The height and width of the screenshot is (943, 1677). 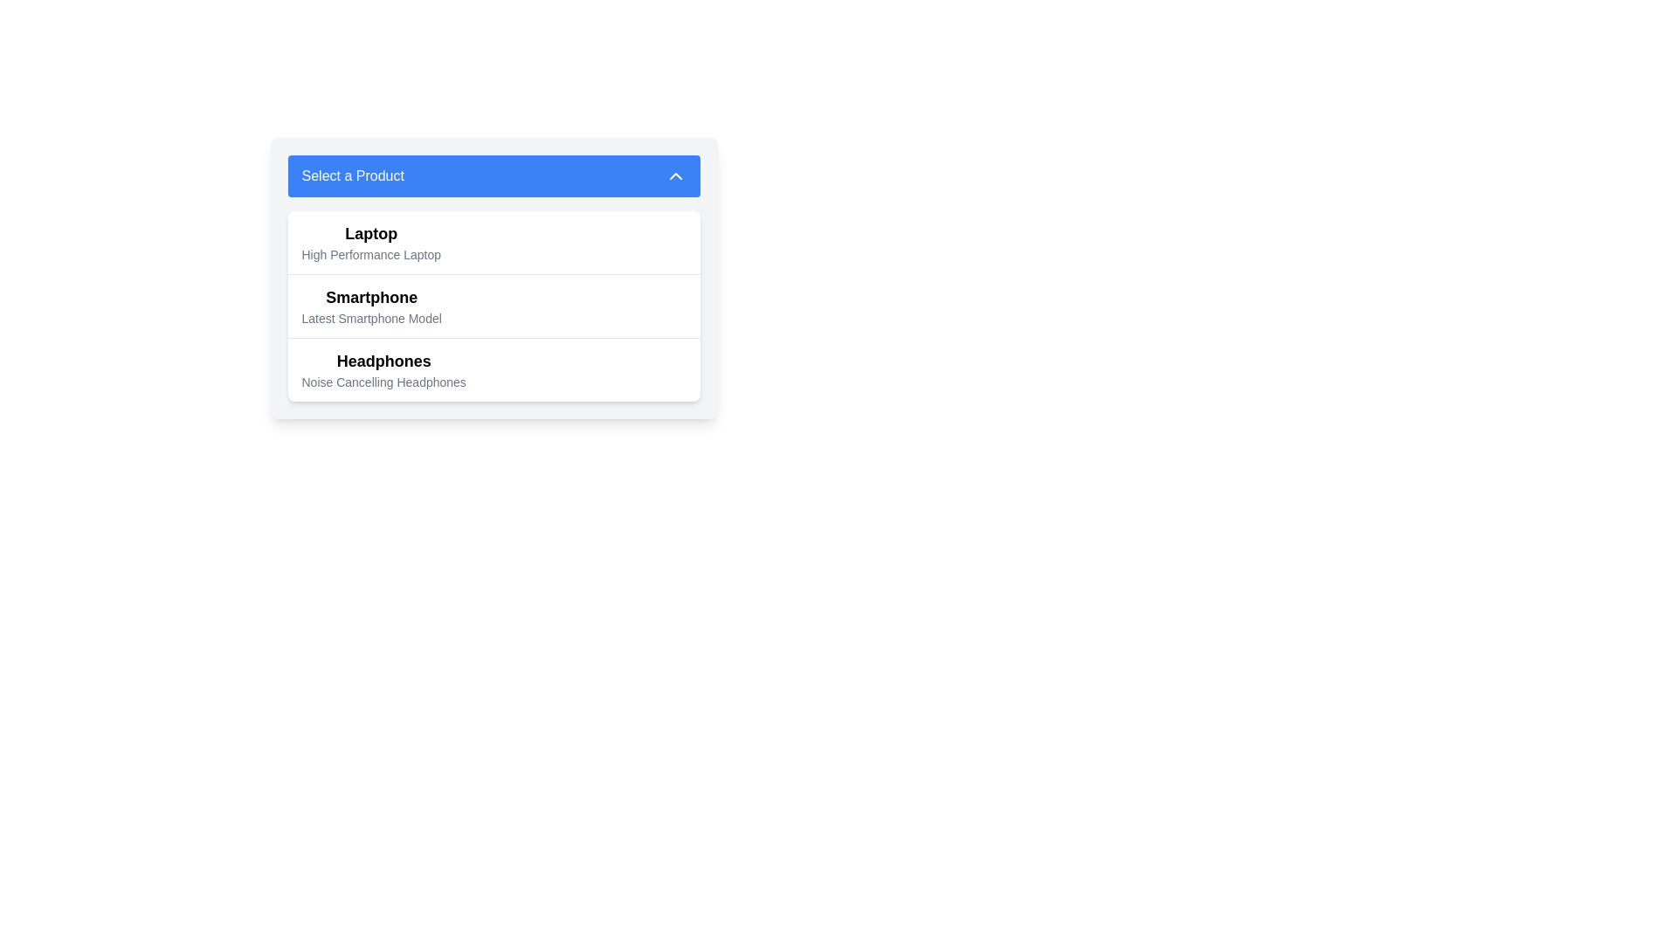 I want to click on the upward-pointing chevron icon located in the header bar labeled 'Select a Product', so click(x=674, y=176).